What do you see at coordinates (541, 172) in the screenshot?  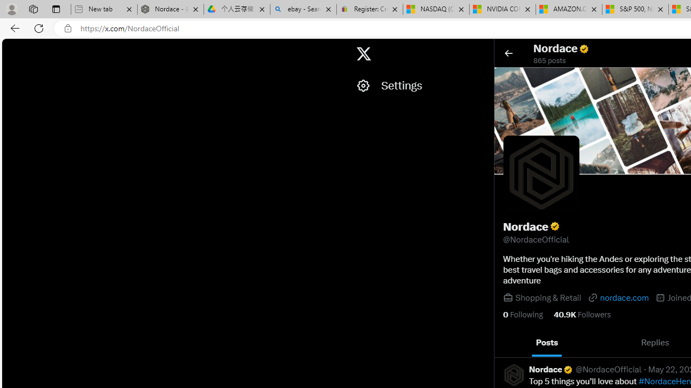 I see `'Square profile picture and Opens profile photo'` at bounding box center [541, 172].